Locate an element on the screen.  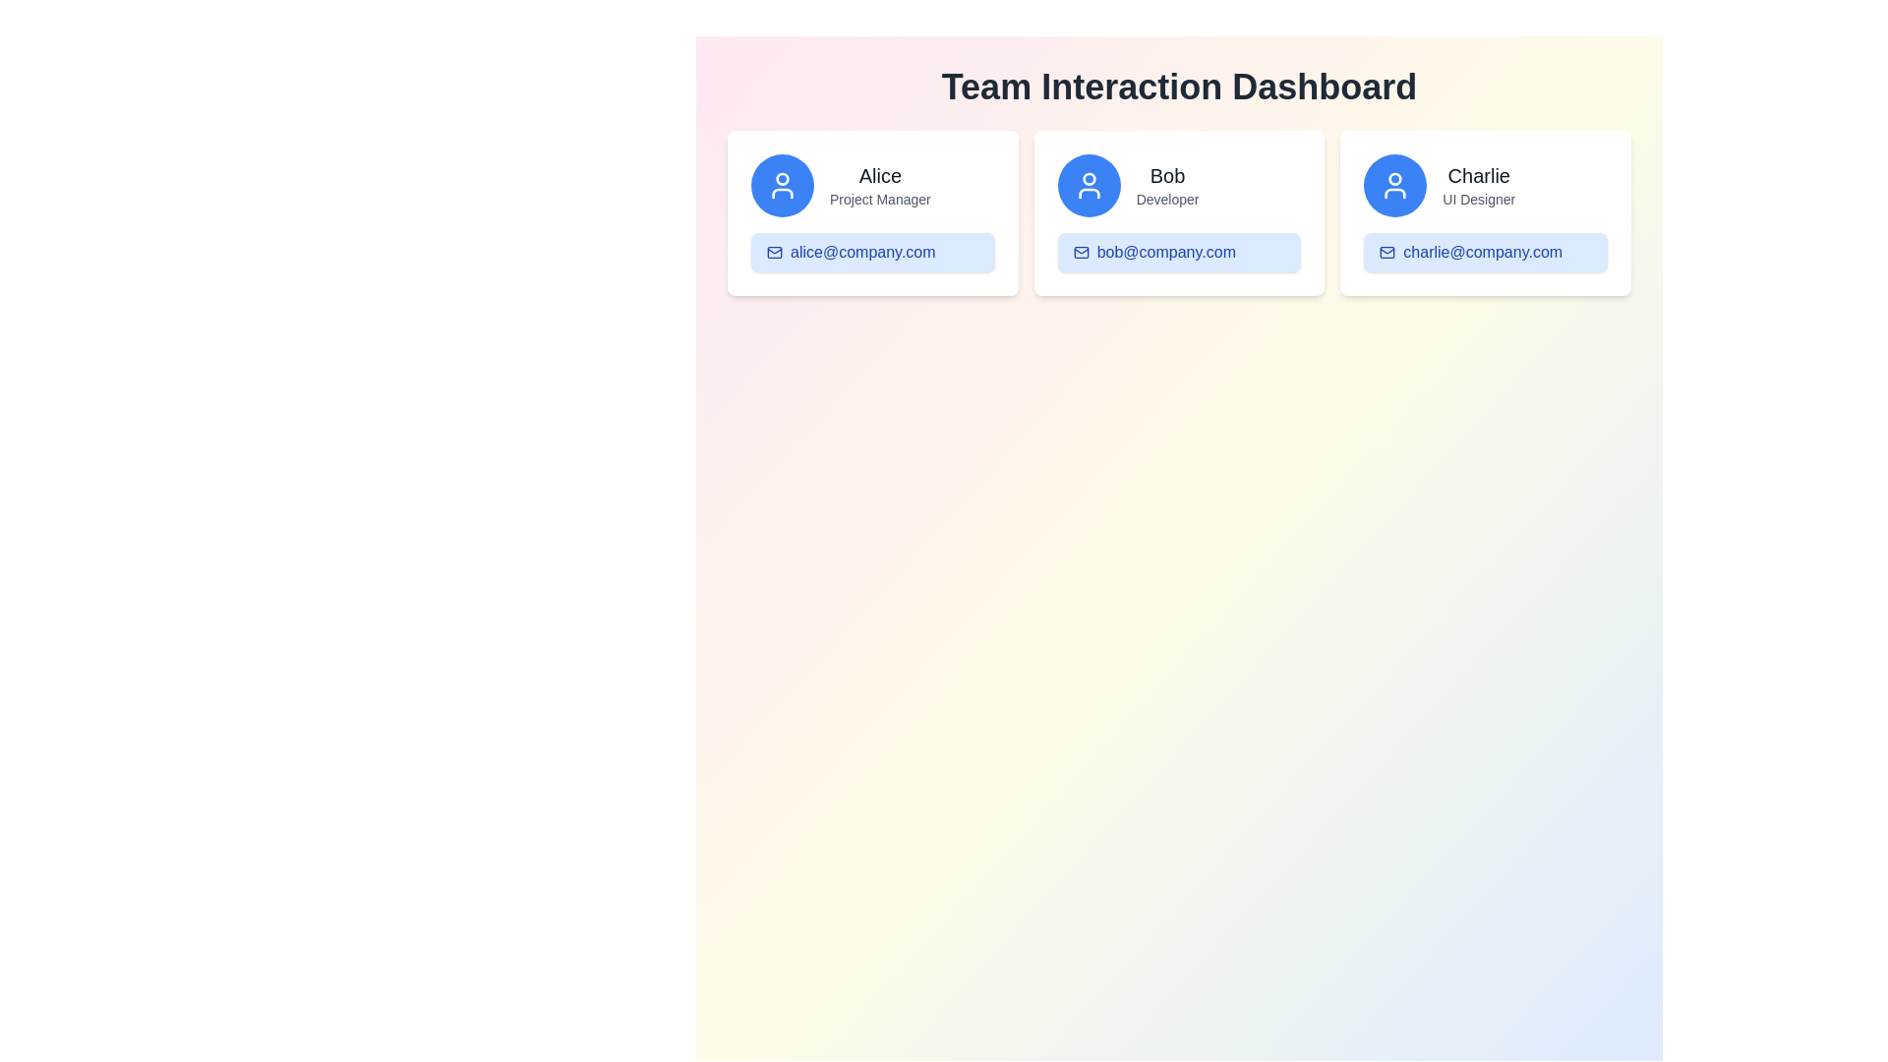
the small circular user profile icon with a blue fill, which is centrally located in the user's avatar representation on the dashboard is located at coordinates (1088, 179).